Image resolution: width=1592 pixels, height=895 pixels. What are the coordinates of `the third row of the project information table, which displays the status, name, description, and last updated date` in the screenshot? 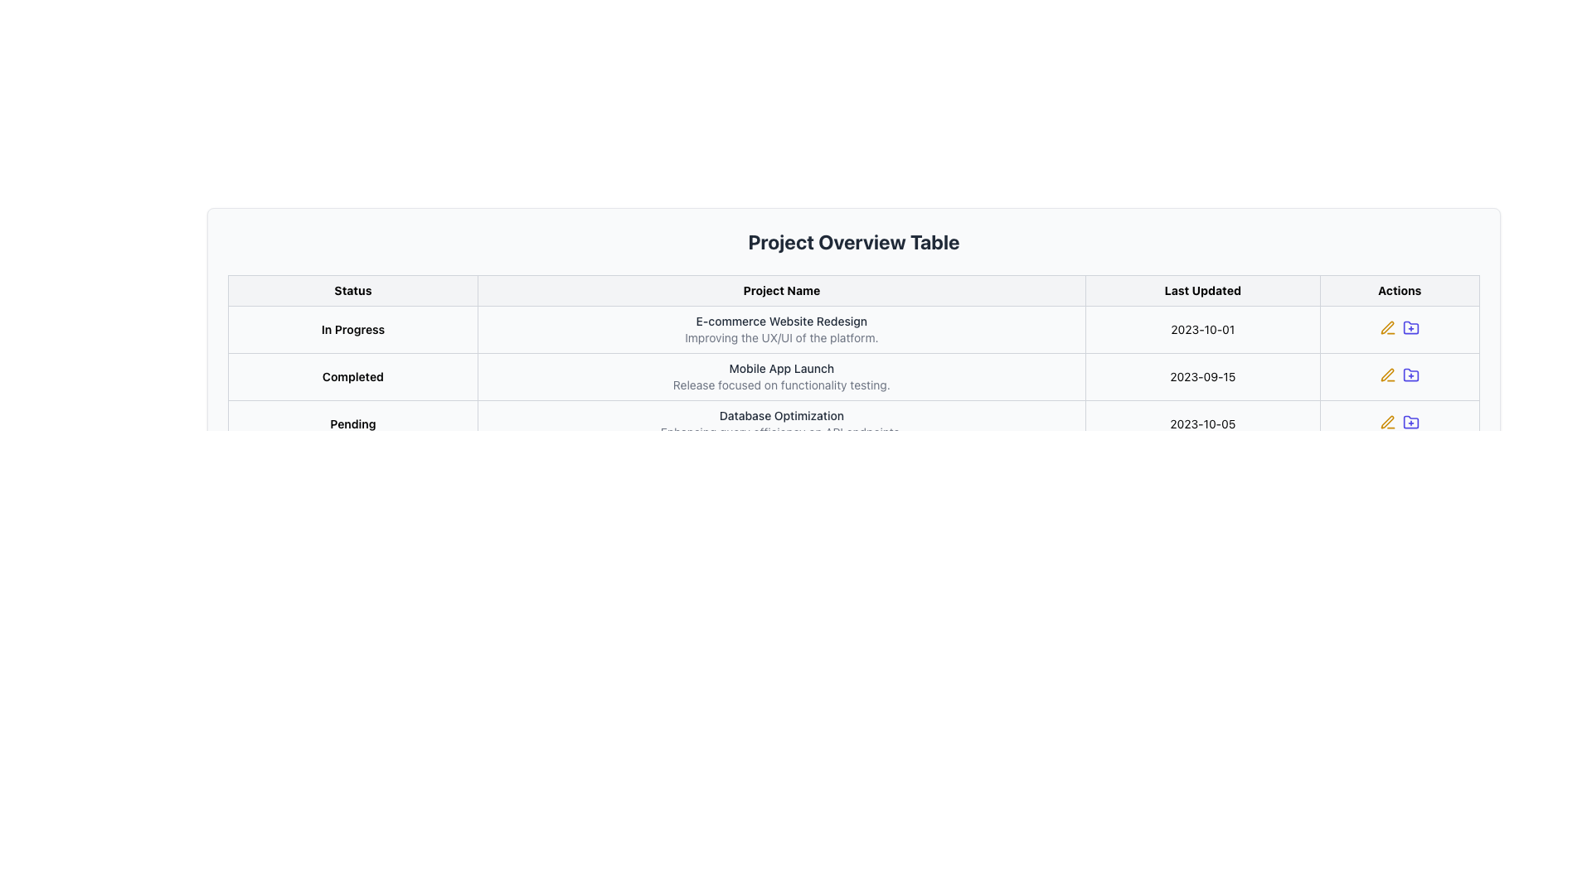 It's located at (854, 423).